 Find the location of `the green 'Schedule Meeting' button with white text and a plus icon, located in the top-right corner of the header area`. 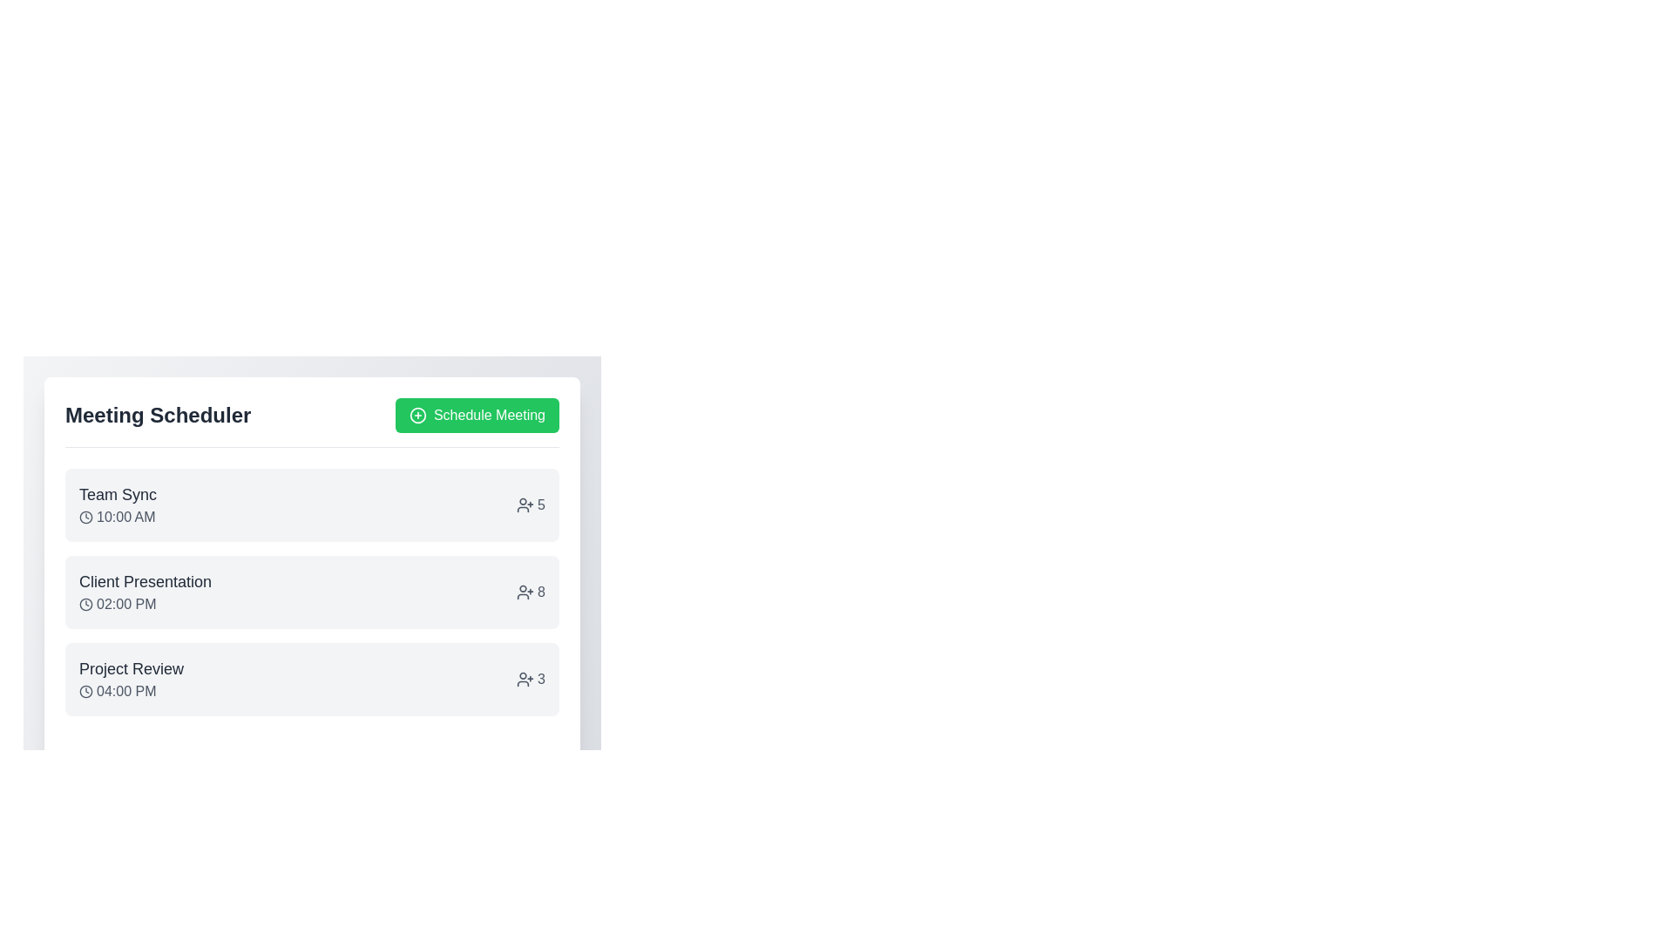

the green 'Schedule Meeting' button with white text and a plus icon, located in the top-right corner of the header area is located at coordinates (477, 416).